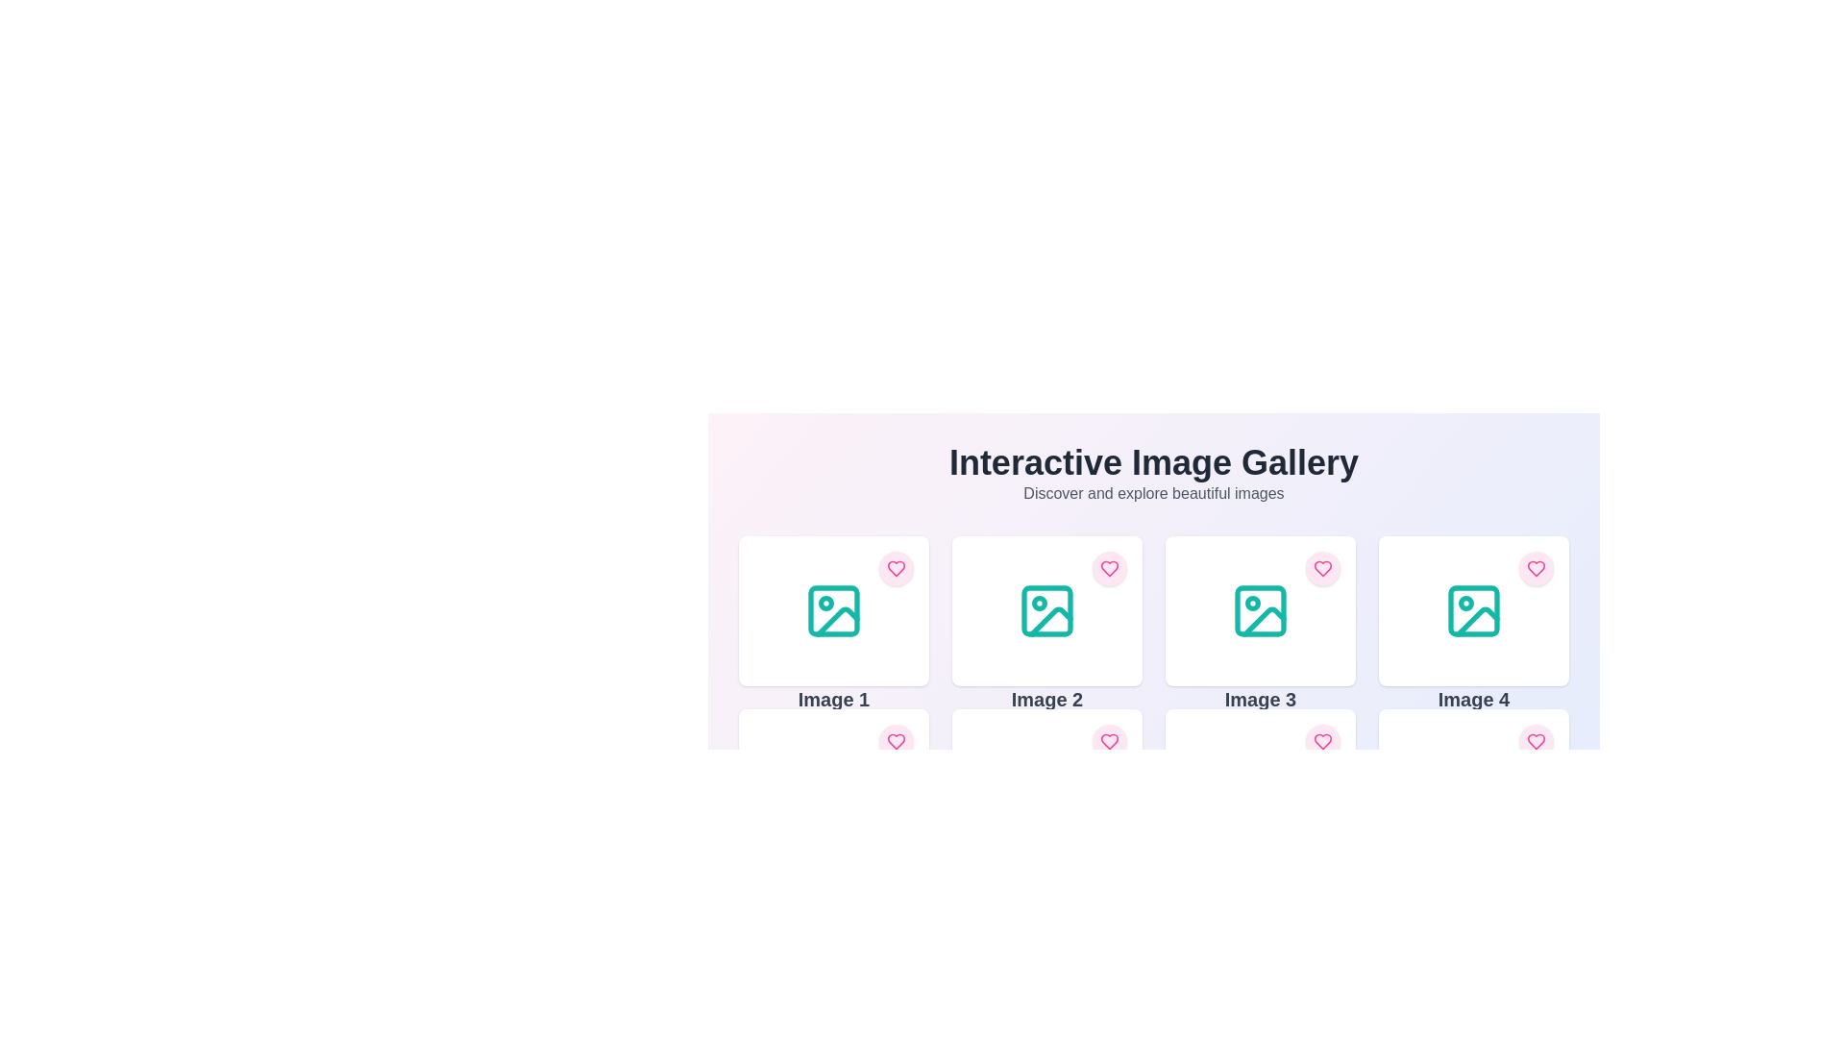  Describe the element at coordinates (1038, 603) in the screenshot. I see `the decorative graphical circle within the image icon titled 'Image 2', positioned towards the upper left area of the icon` at that location.